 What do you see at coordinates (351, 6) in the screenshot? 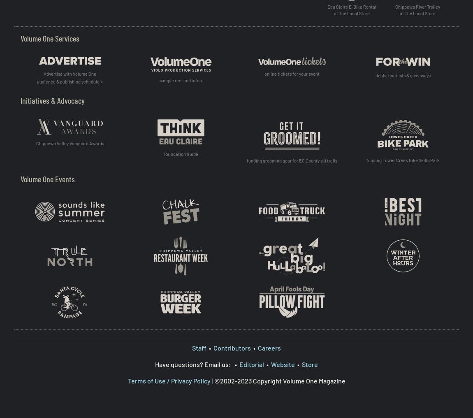
I see `'Eau Claire E-Bike Rental'` at bounding box center [351, 6].